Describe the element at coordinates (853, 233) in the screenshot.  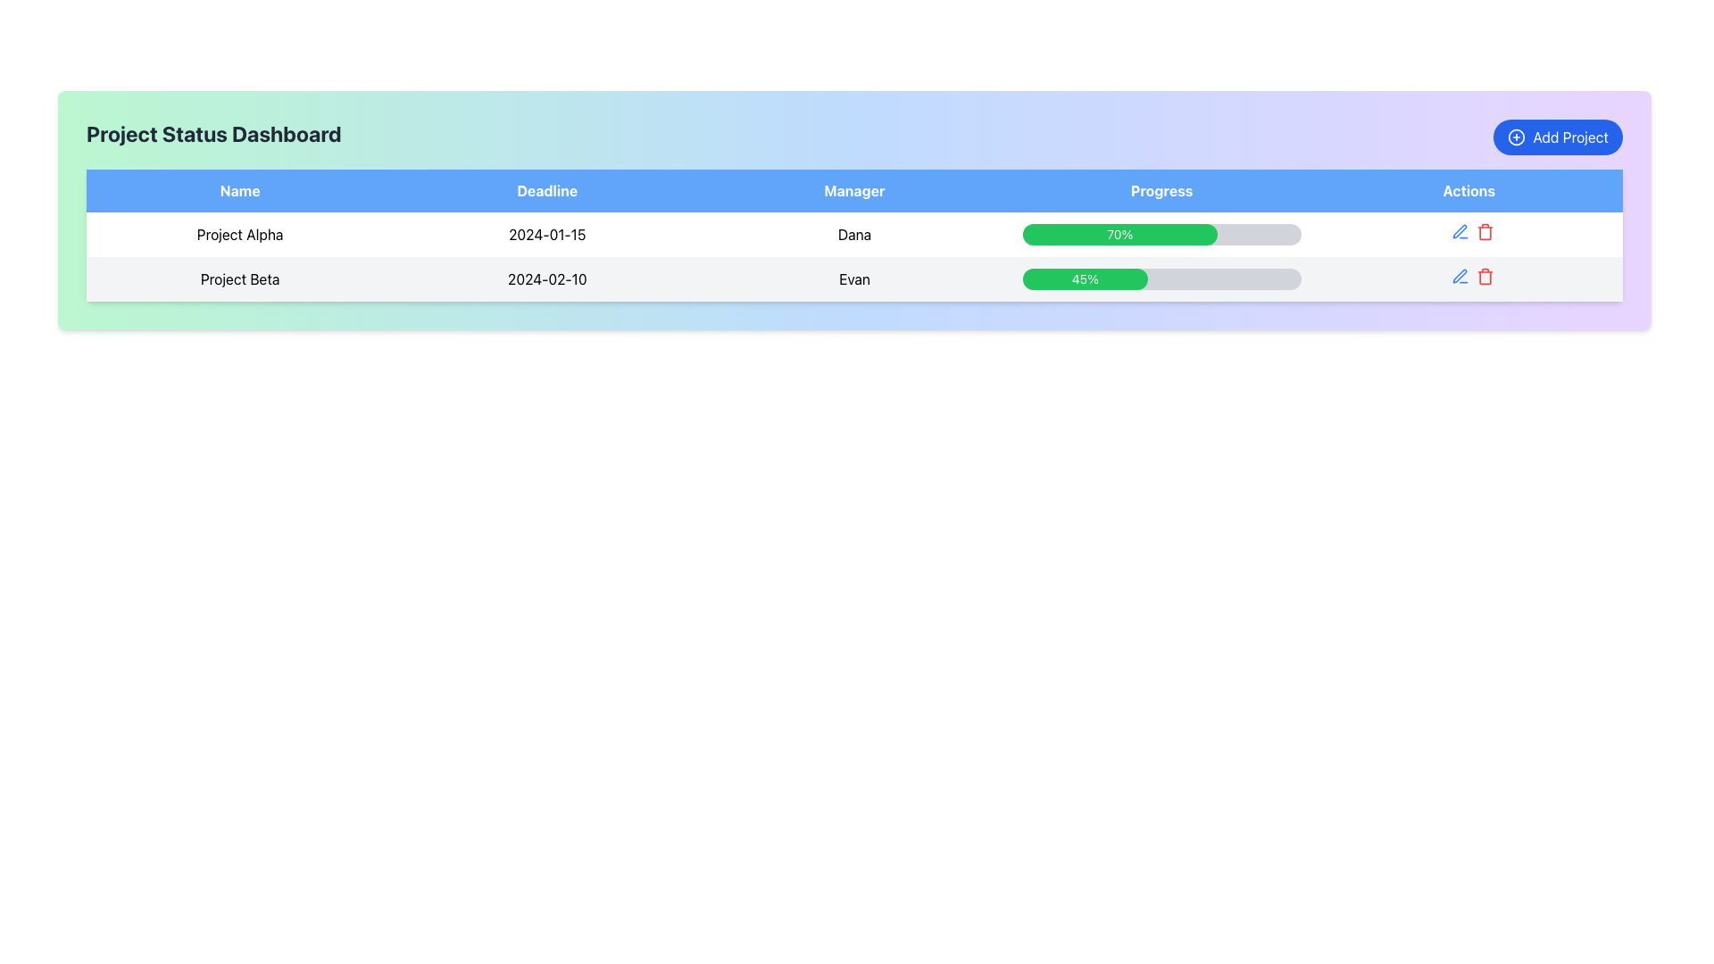
I see `the text label 'Dana' located in the 'Manager' column of the table row for 'Project Alpha'` at that location.